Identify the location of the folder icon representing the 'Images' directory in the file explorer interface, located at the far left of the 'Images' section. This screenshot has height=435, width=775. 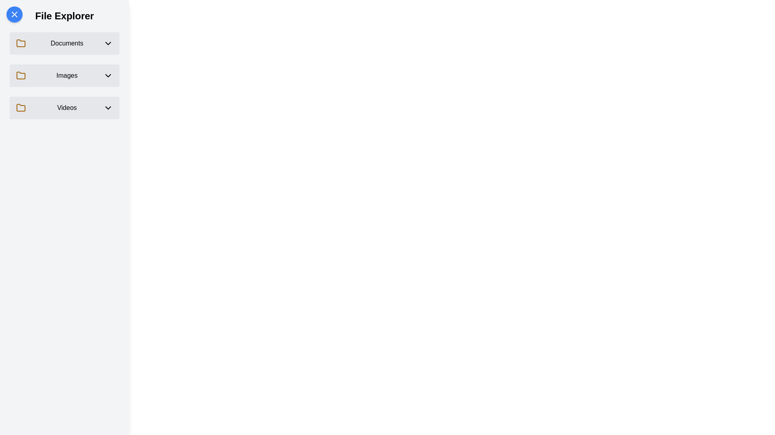
(21, 76).